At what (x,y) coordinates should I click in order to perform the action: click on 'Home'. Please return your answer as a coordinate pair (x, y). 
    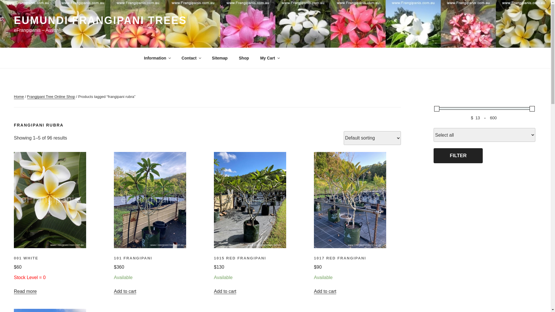
    Looking at the image, I should click on (19, 96).